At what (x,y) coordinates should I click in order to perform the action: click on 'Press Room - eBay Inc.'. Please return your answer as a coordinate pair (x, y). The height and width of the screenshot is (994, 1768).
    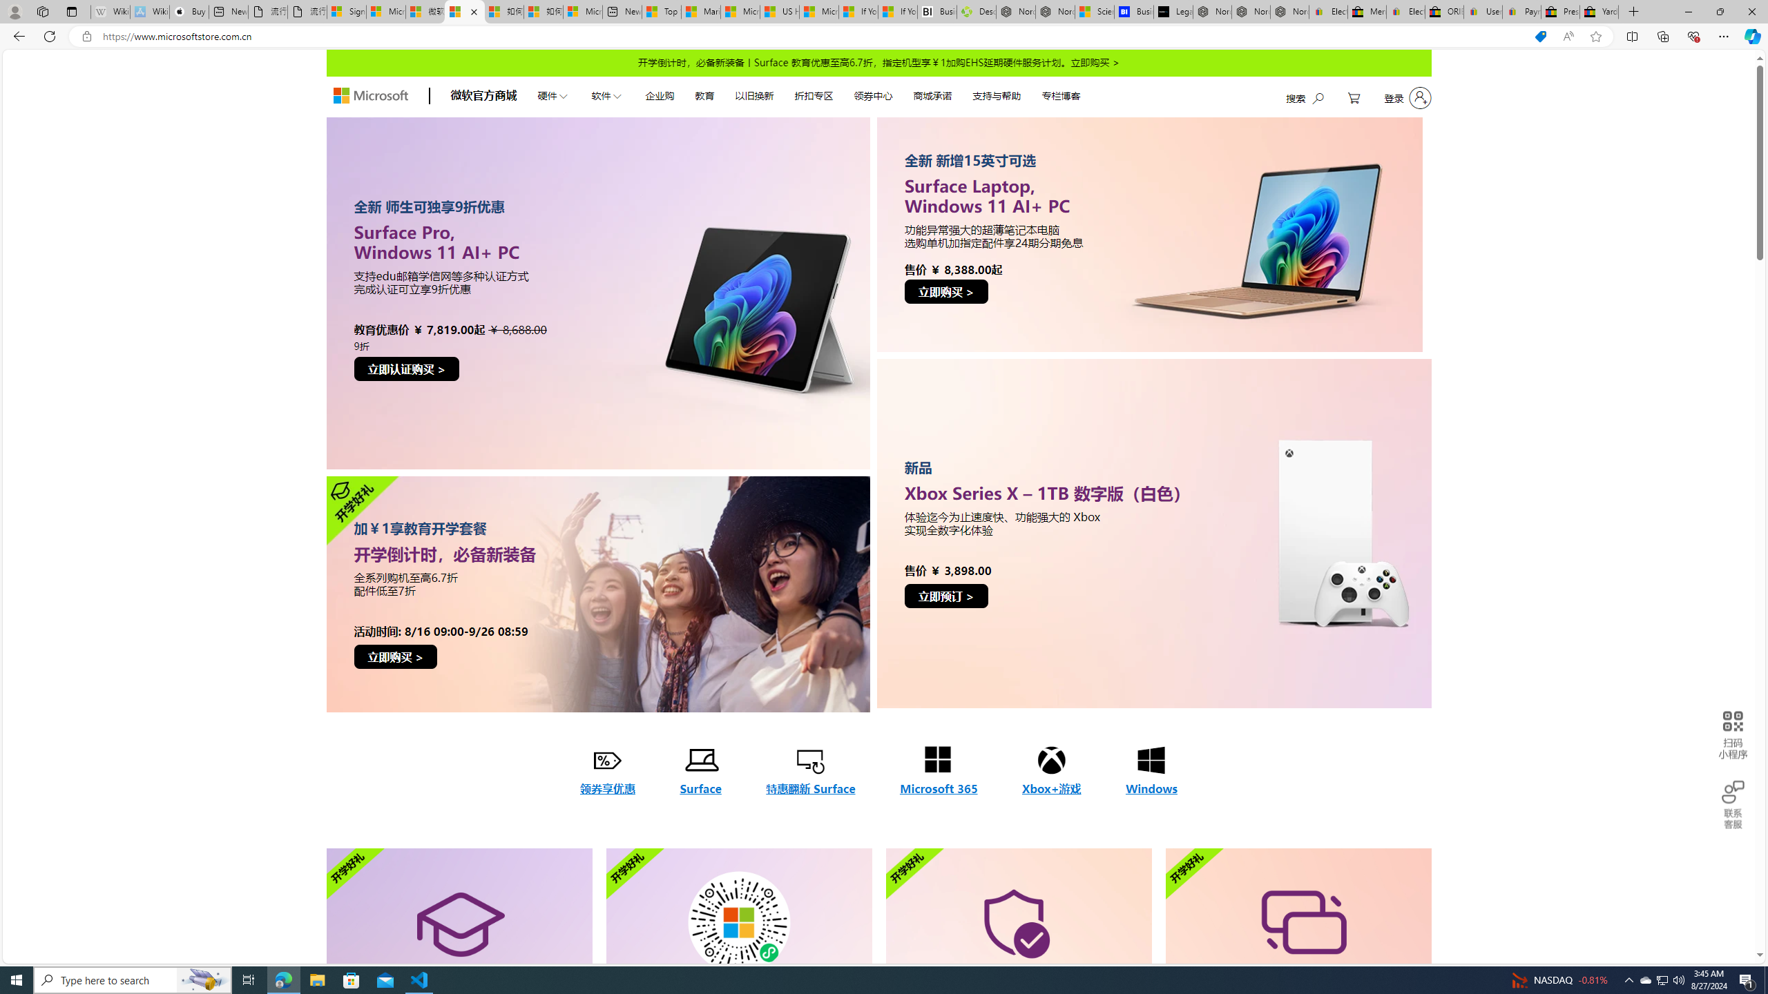
    Looking at the image, I should click on (1559, 11).